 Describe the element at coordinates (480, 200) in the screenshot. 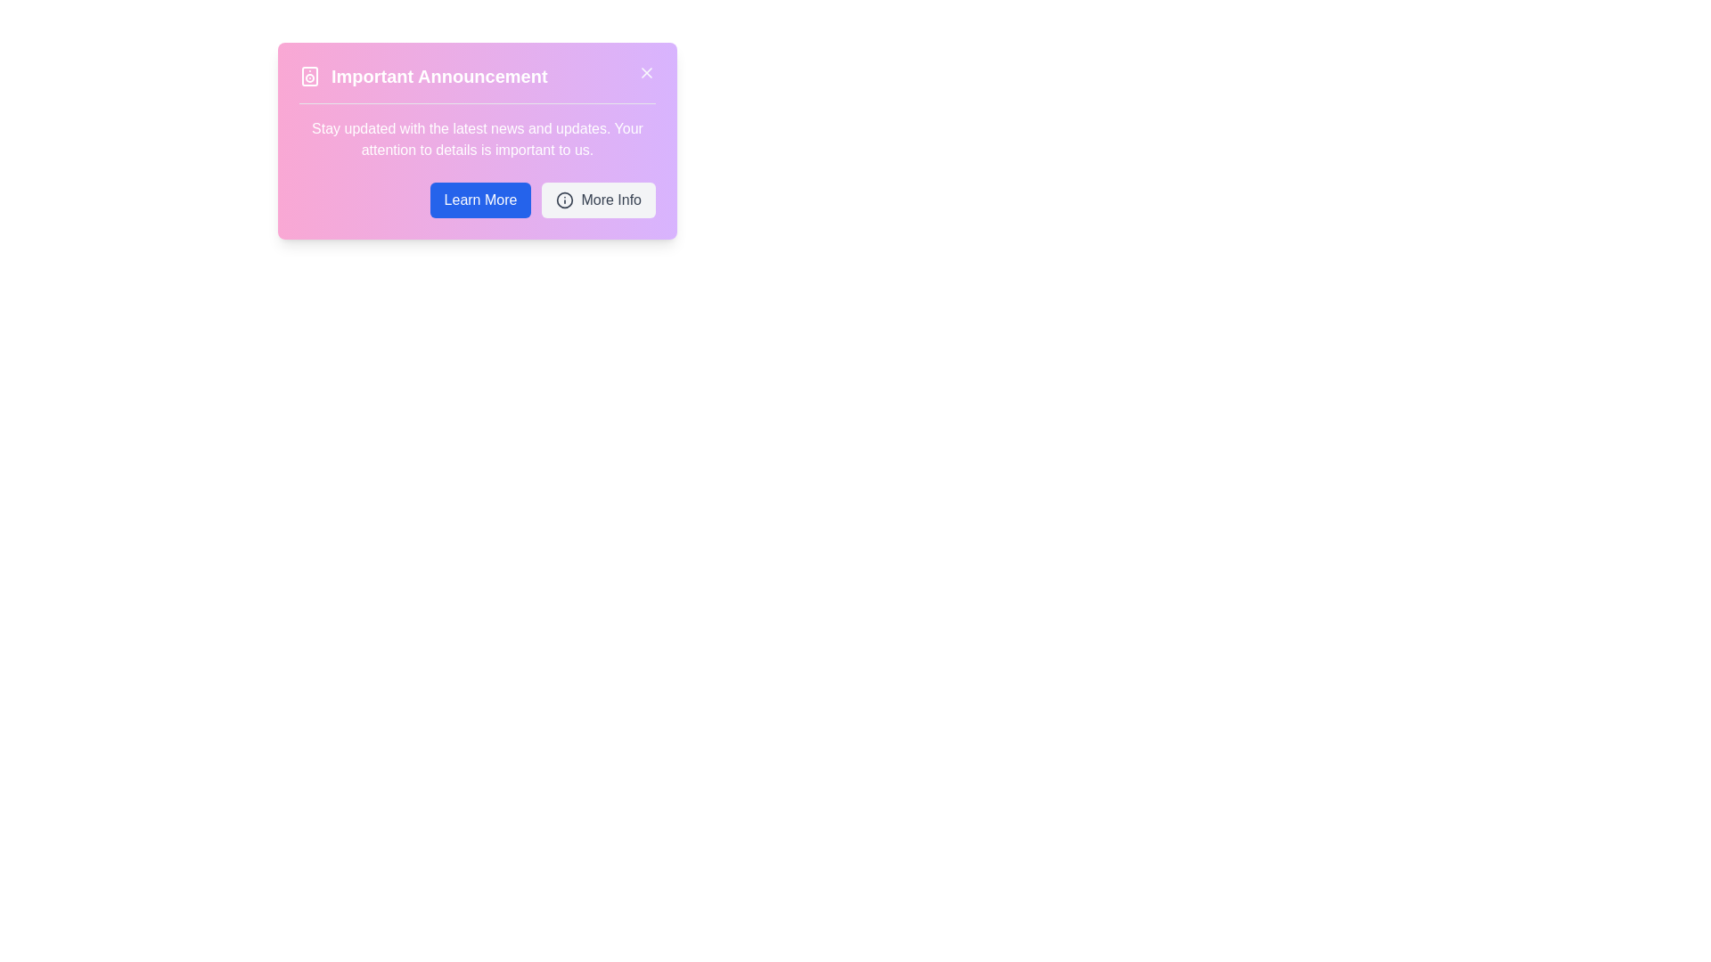

I see `the 'Learn More' button for keyboard interaction` at that location.